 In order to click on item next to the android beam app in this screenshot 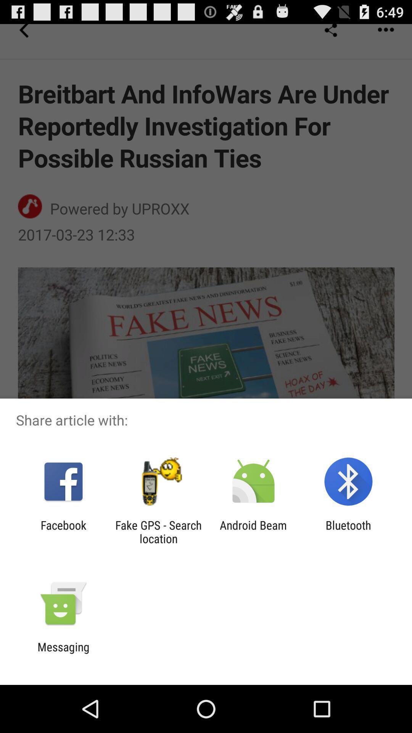, I will do `click(348, 531)`.